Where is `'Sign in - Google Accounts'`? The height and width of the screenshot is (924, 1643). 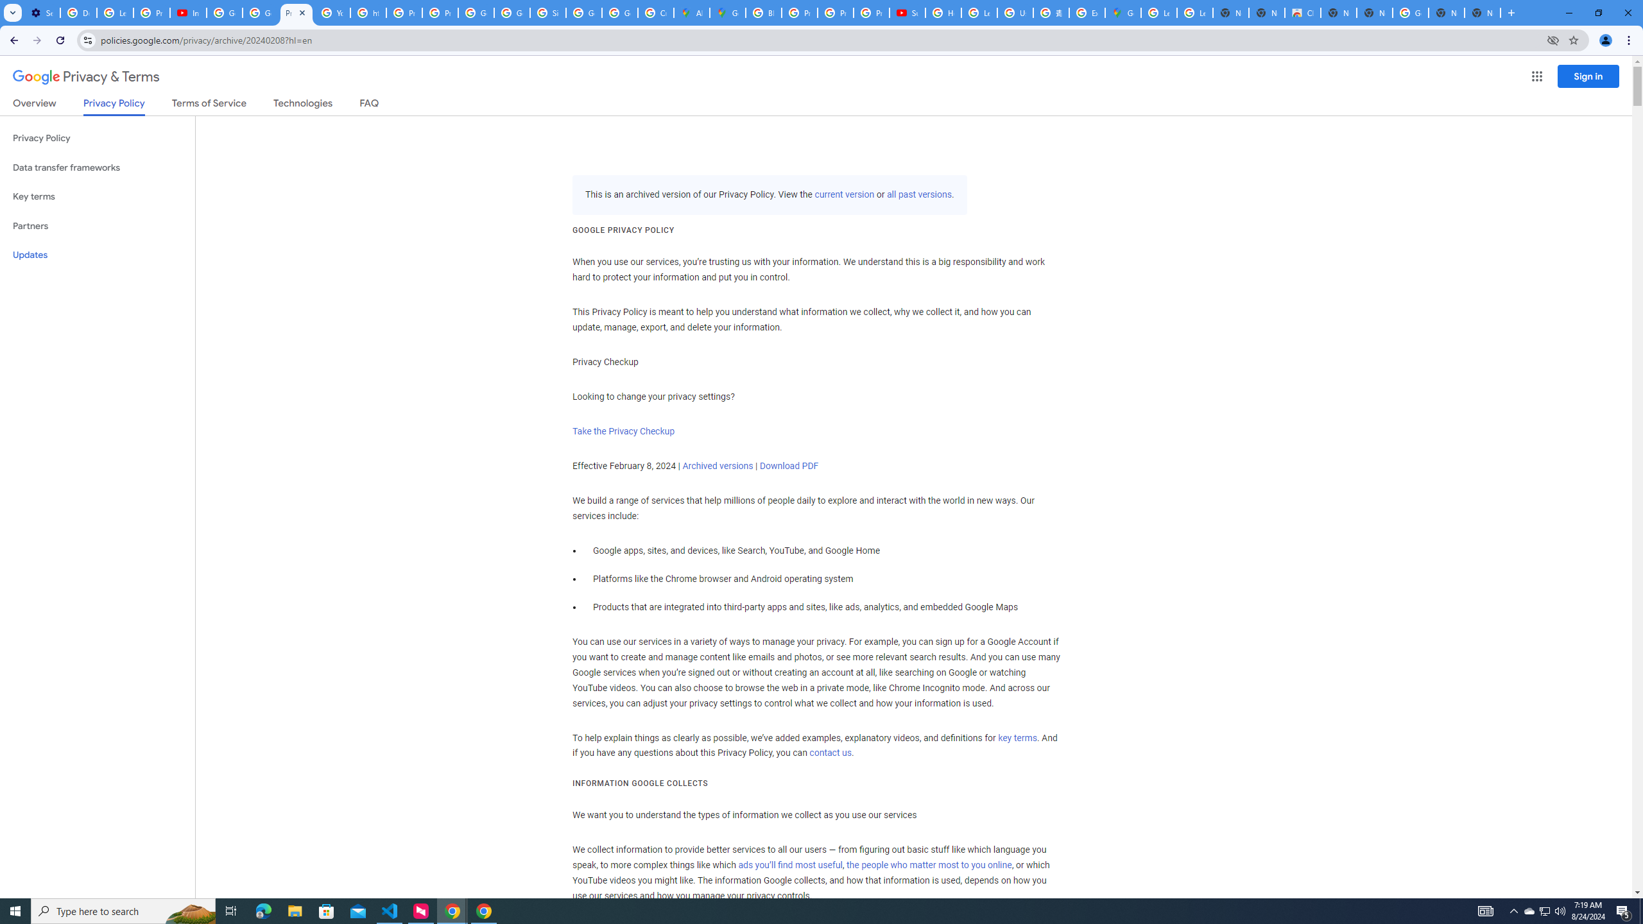
'Sign in - Google Accounts' is located at coordinates (547, 12).